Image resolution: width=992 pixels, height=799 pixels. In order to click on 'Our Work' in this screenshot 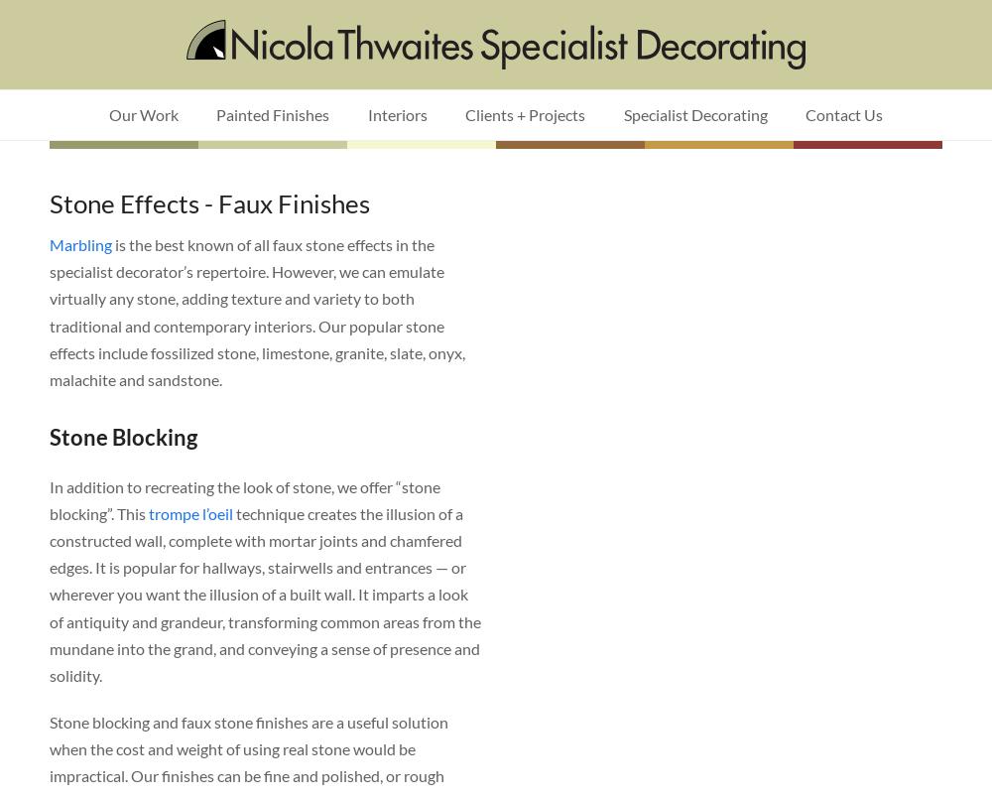, I will do `click(143, 114)`.